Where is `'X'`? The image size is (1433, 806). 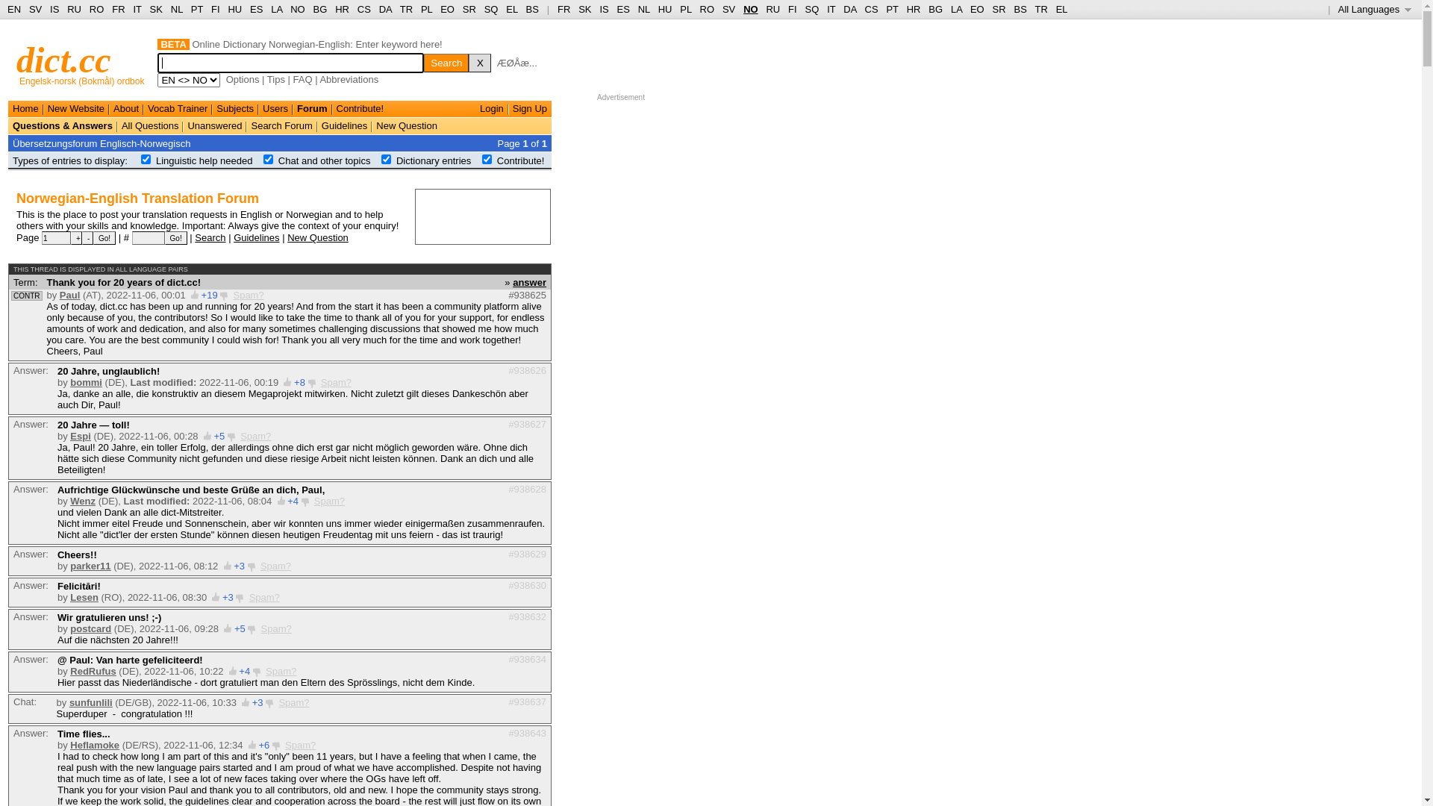
'X' is located at coordinates (468, 62).